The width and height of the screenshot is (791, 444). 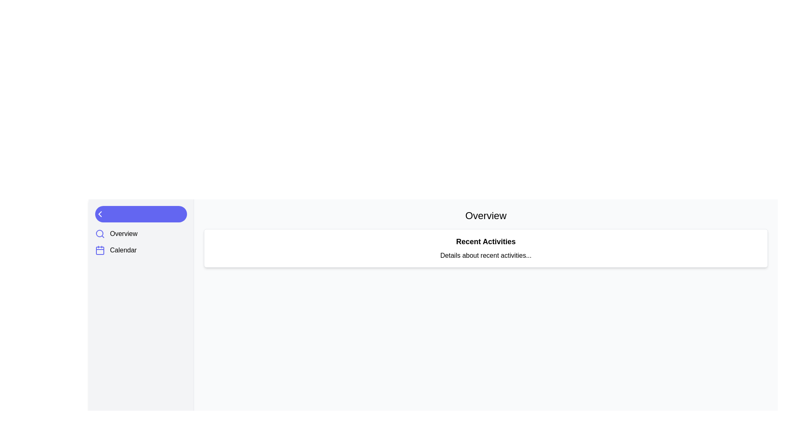 I want to click on the first navigation link in the left-side panel, so click(x=116, y=234).